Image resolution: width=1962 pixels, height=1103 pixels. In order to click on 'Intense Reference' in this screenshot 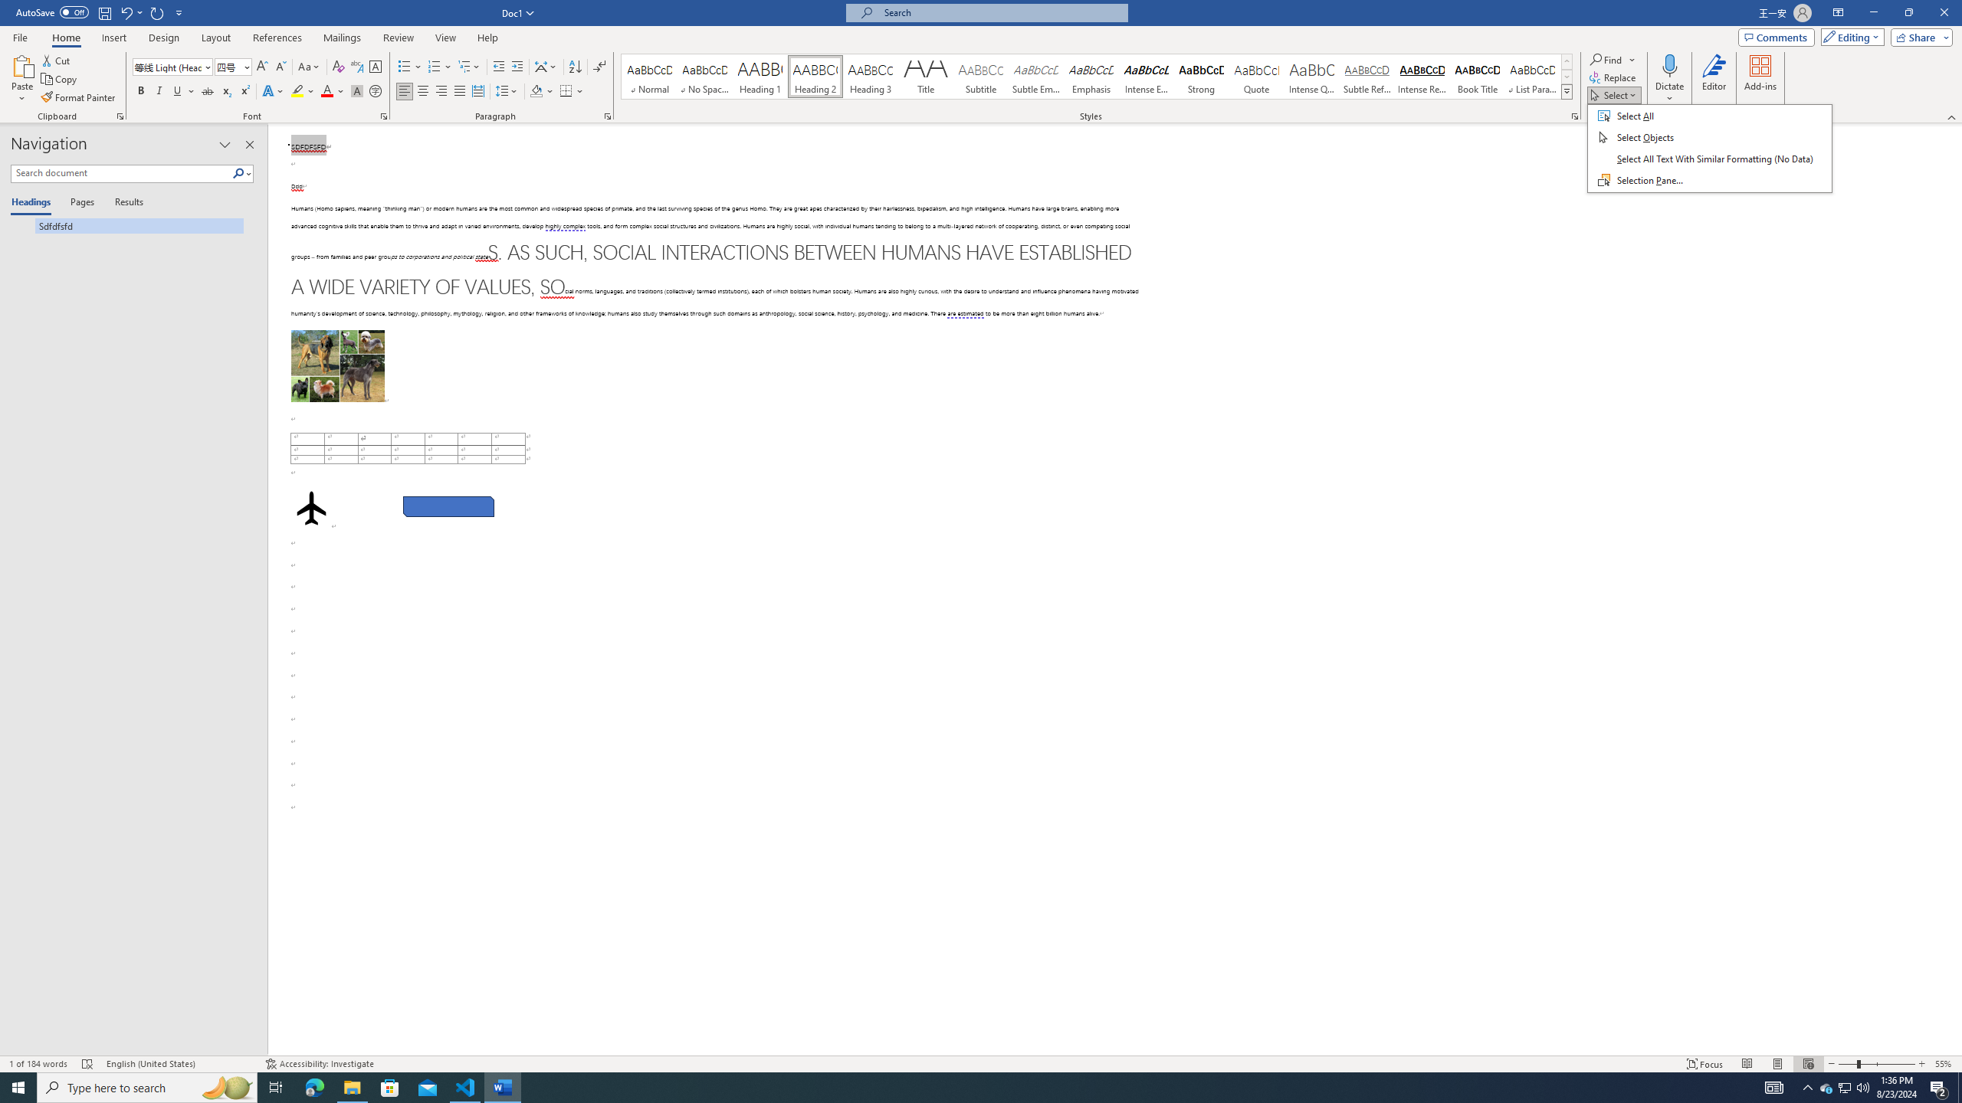, I will do `click(1422, 76)`.